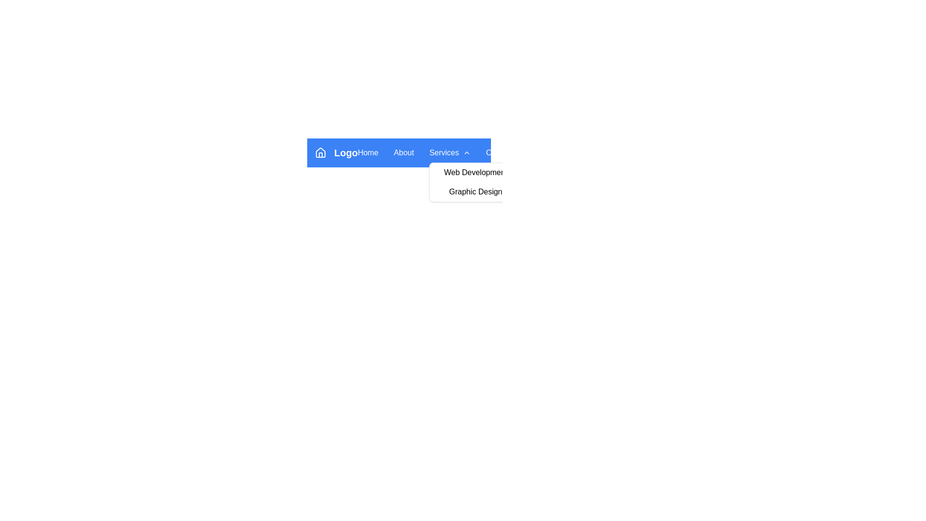  What do you see at coordinates (476, 182) in the screenshot?
I see `the Dropdown menu located below the 'Services' menu option in the navigation bar` at bounding box center [476, 182].